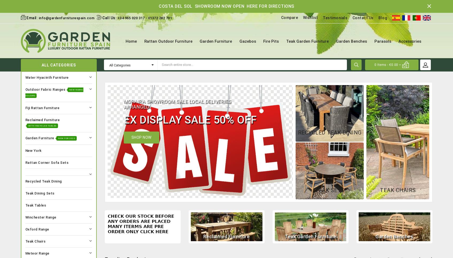  I want to click on 'Recycled Teak Dining', so click(43, 181).